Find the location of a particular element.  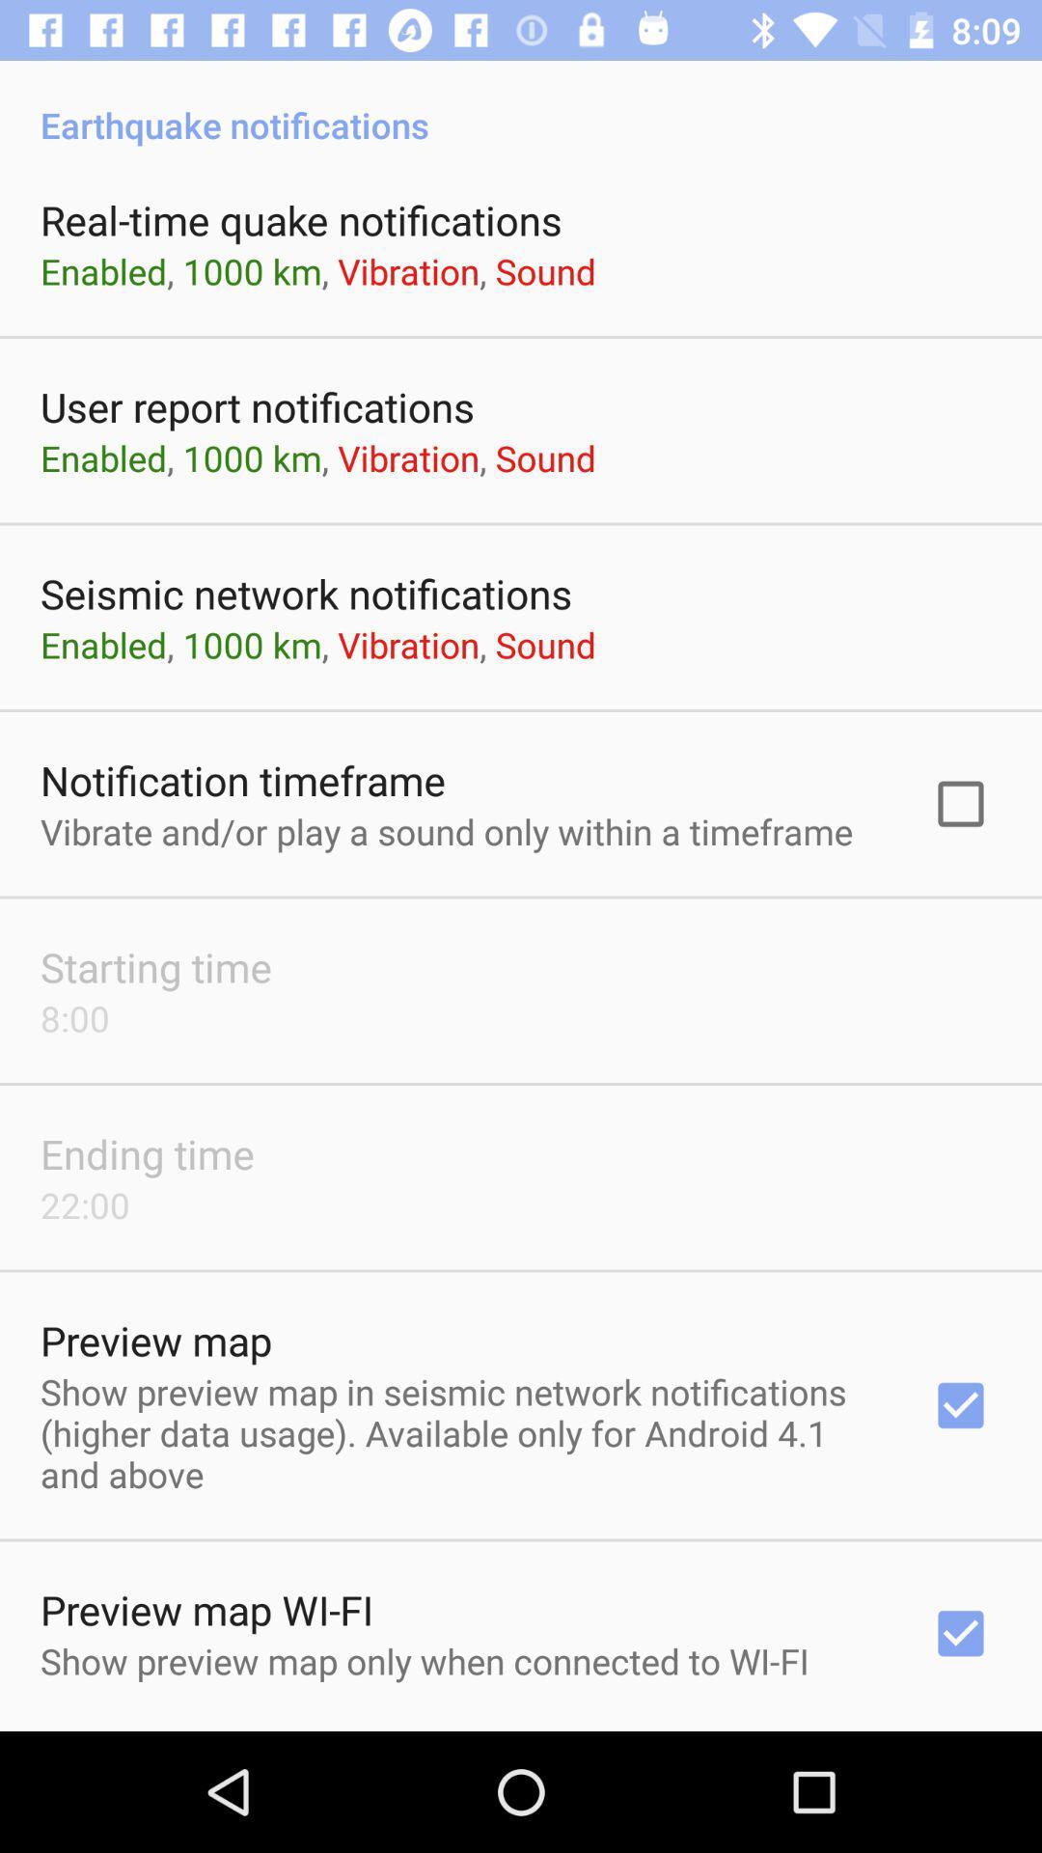

the notification timeframe icon is located at coordinates (241, 780).